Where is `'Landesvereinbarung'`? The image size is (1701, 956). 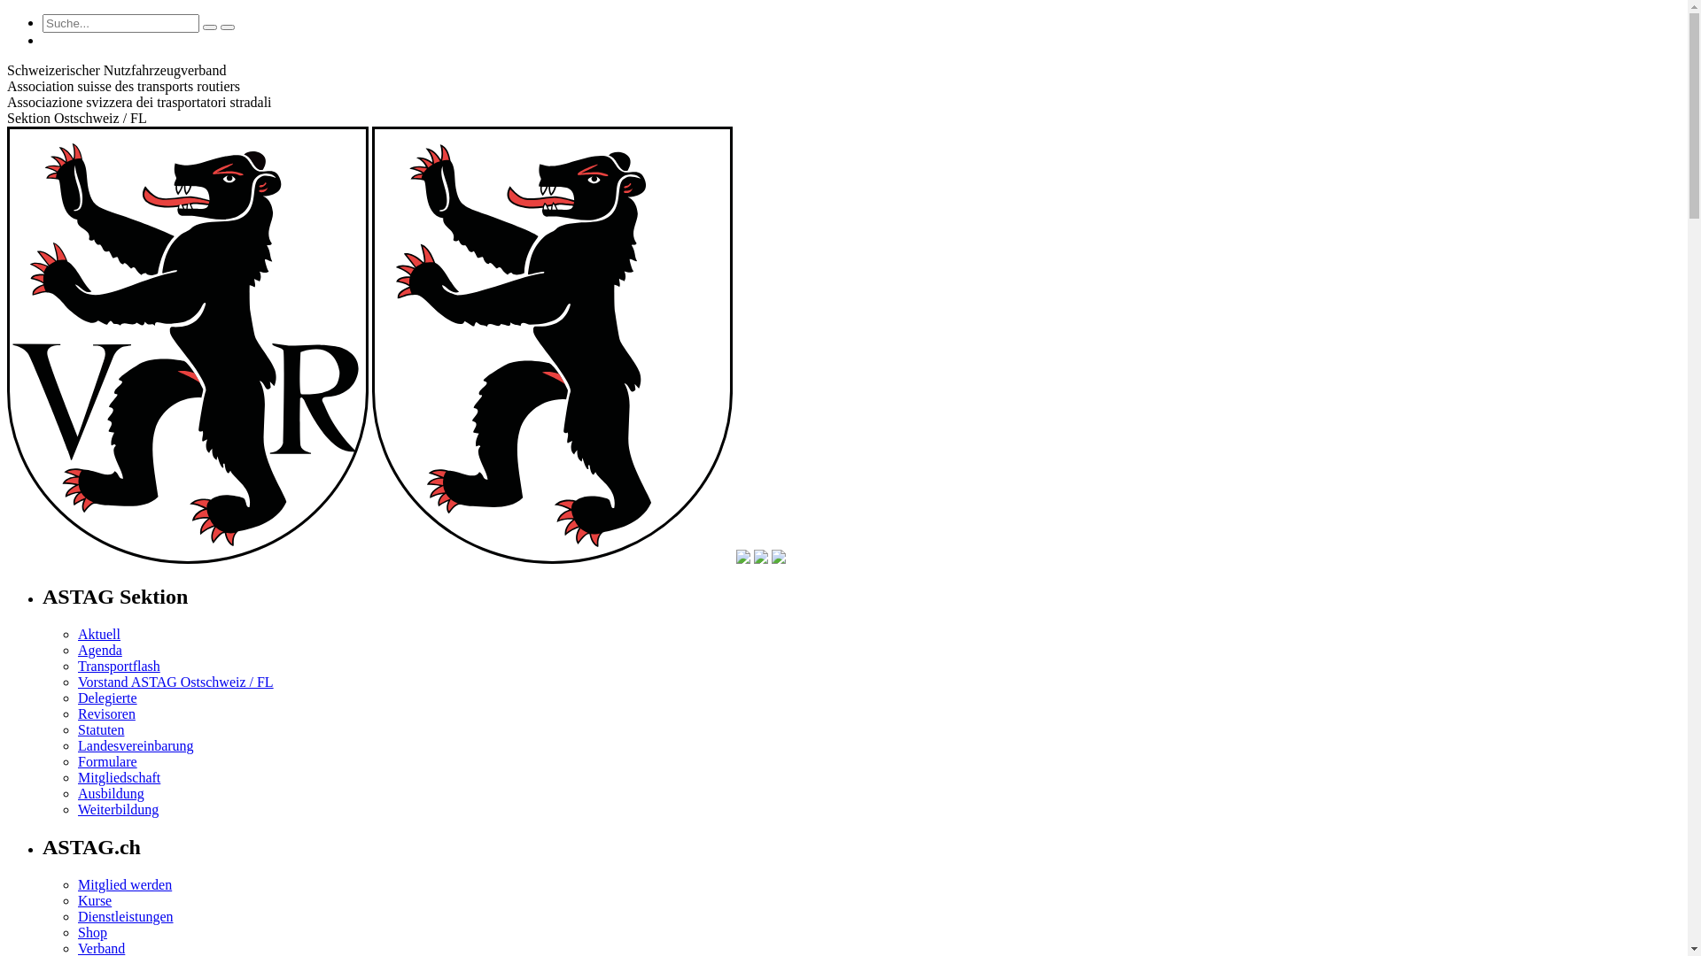 'Landesvereinbarung' is located at coordinates (135, 745).